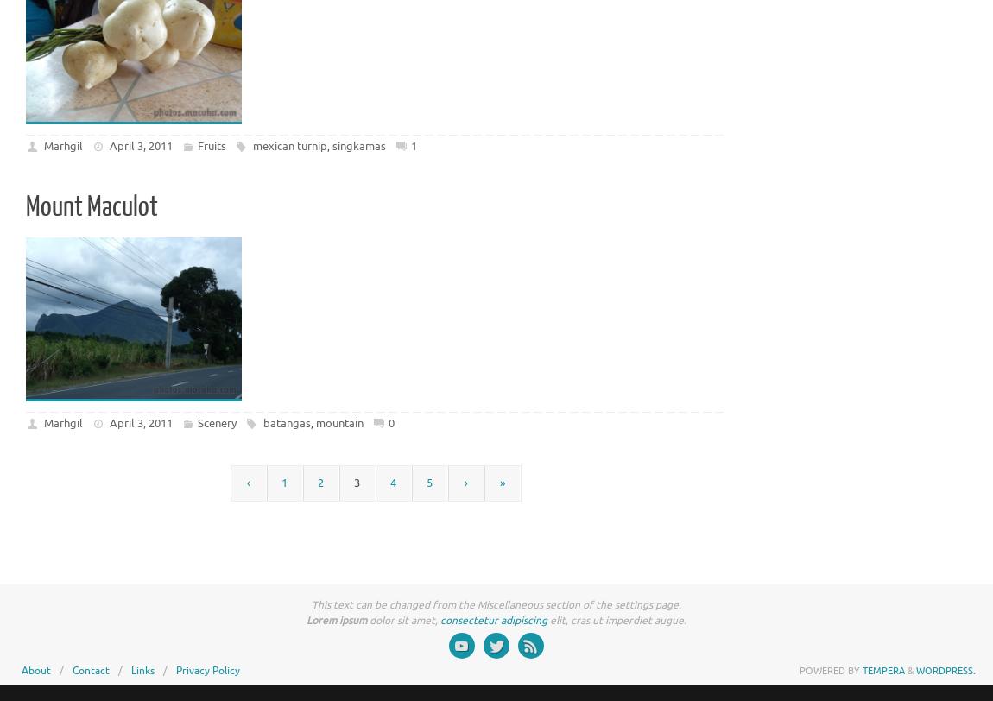  Describe the element at coordinates (35, 671) in the screenshot. I see `'About'` at that location.